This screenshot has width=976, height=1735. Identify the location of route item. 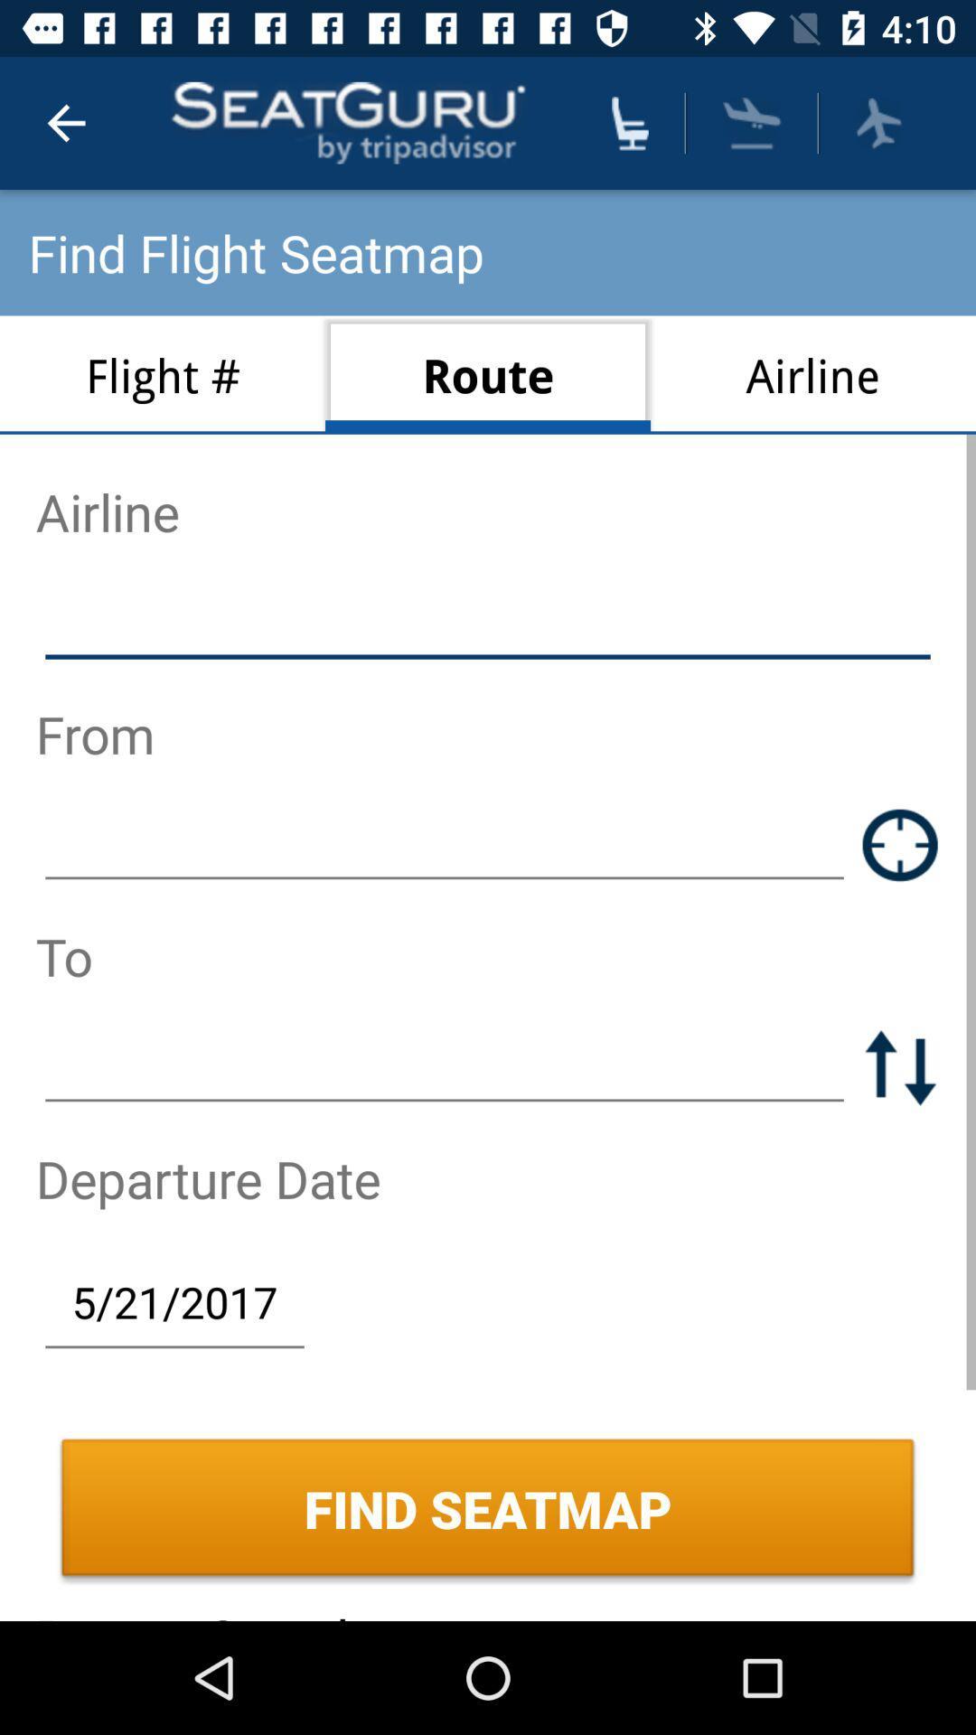
(488, 374).